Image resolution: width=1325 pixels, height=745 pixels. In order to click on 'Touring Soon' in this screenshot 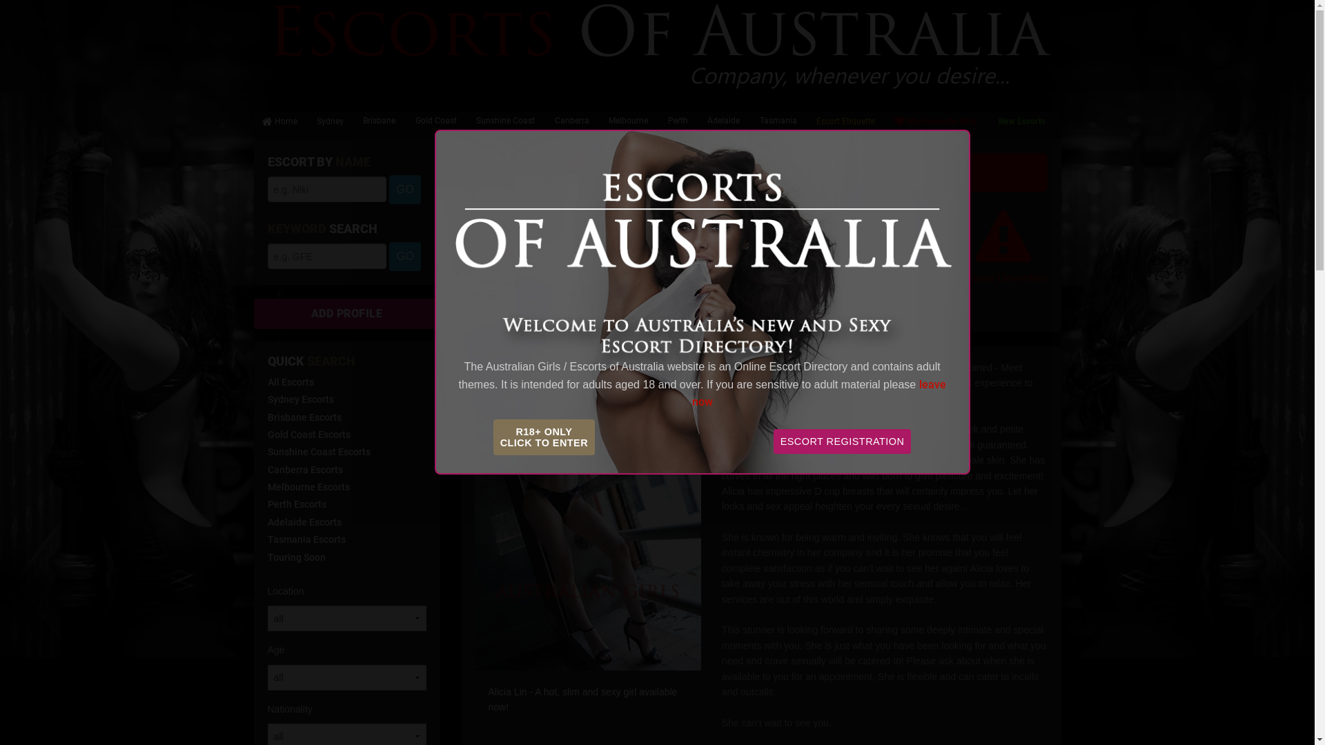, I will do `click(268, 556)`.